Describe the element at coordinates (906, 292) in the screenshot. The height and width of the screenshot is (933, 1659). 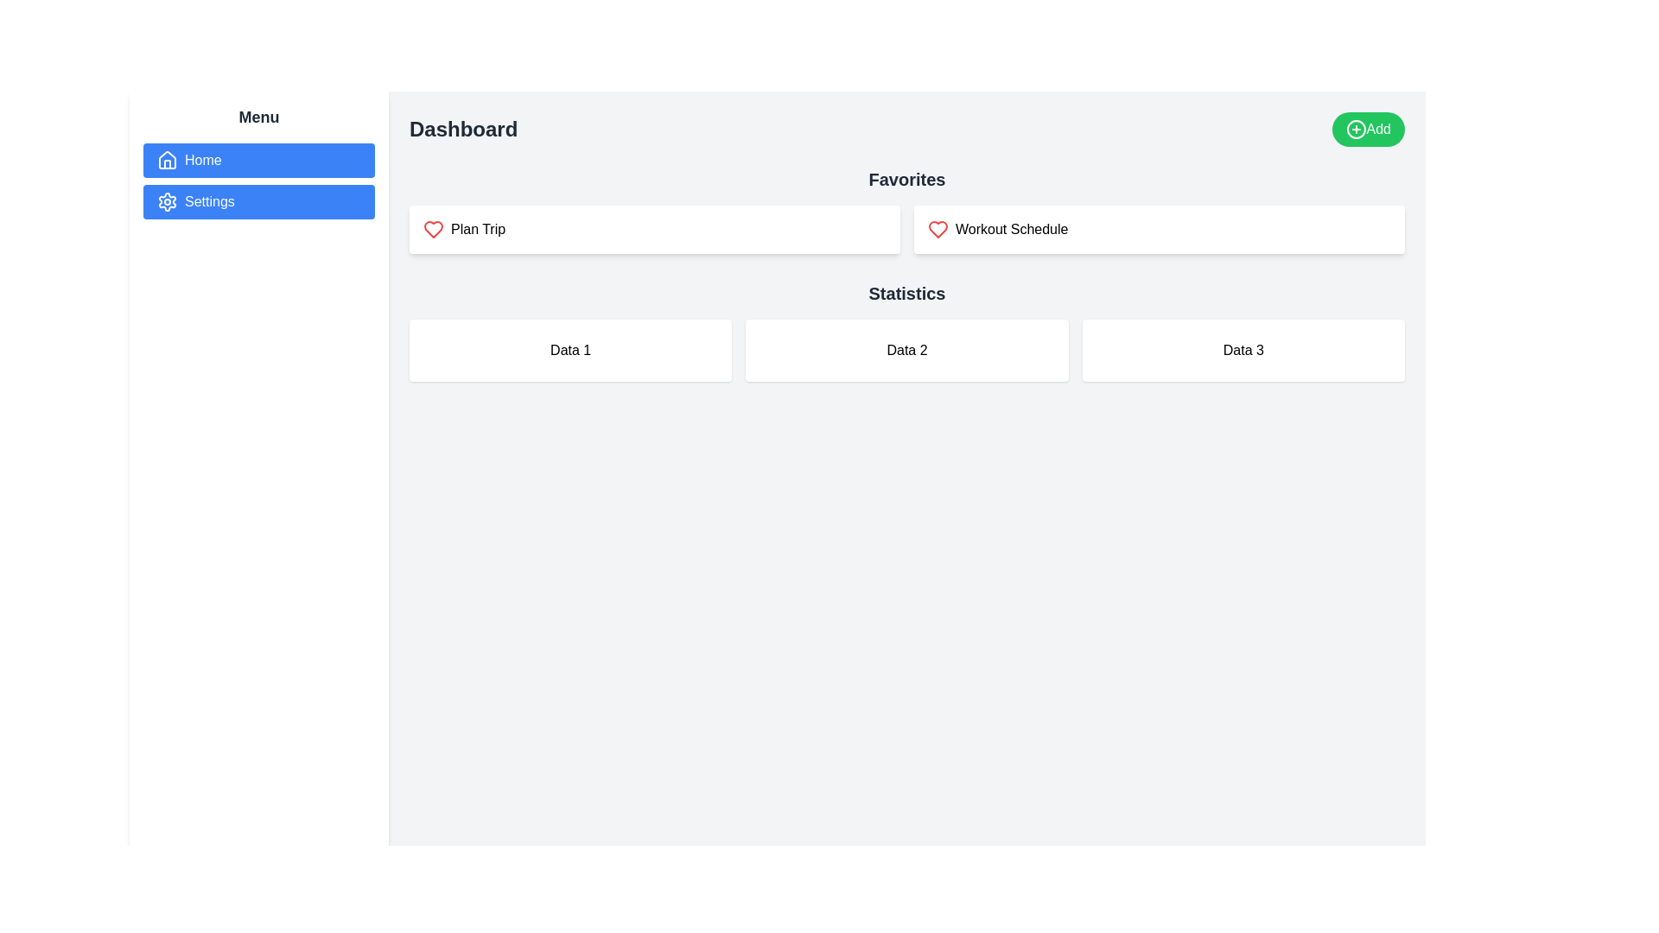
I see `the 'Statistics' text label, which is styled with a larger bold font and is positioned above the data boxes labeled 'Data 1', 'Data 2', and 'Data 3'` at that location.